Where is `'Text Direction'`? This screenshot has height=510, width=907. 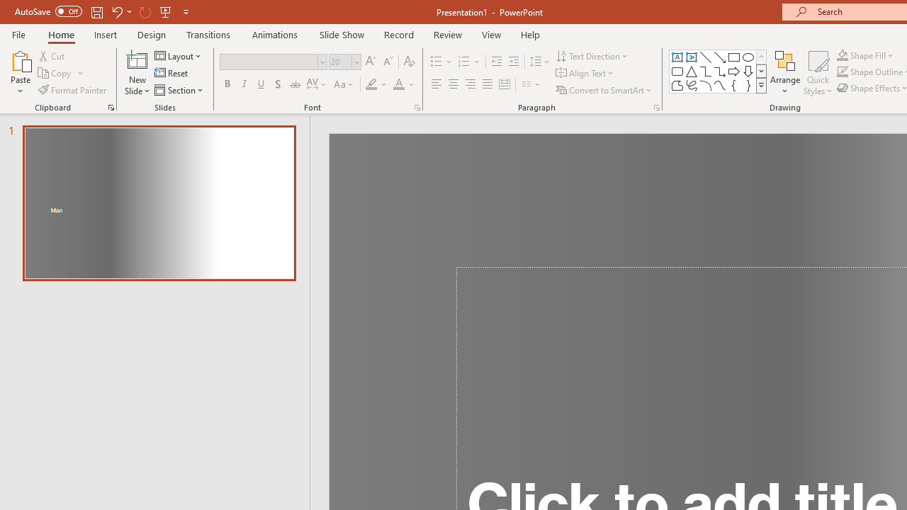
'Text Direction' is located at coordinates (593, 55).